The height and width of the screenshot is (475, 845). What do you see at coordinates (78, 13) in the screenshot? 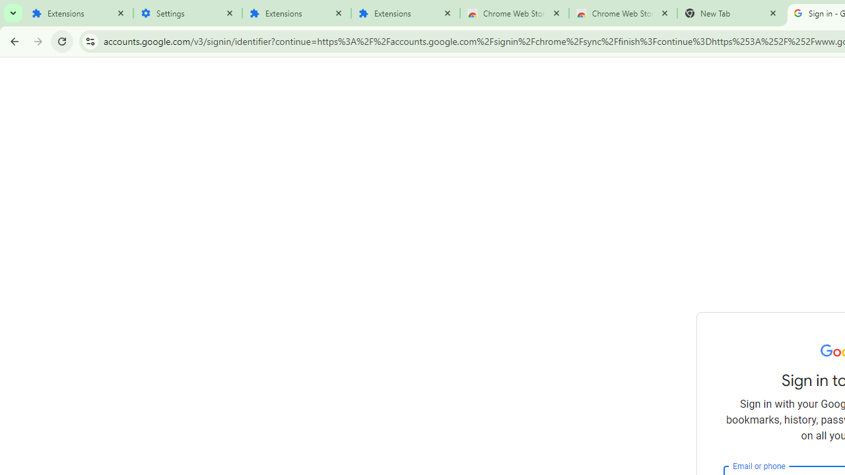
I see `'Extensions'` at bounding box center [78, 13].